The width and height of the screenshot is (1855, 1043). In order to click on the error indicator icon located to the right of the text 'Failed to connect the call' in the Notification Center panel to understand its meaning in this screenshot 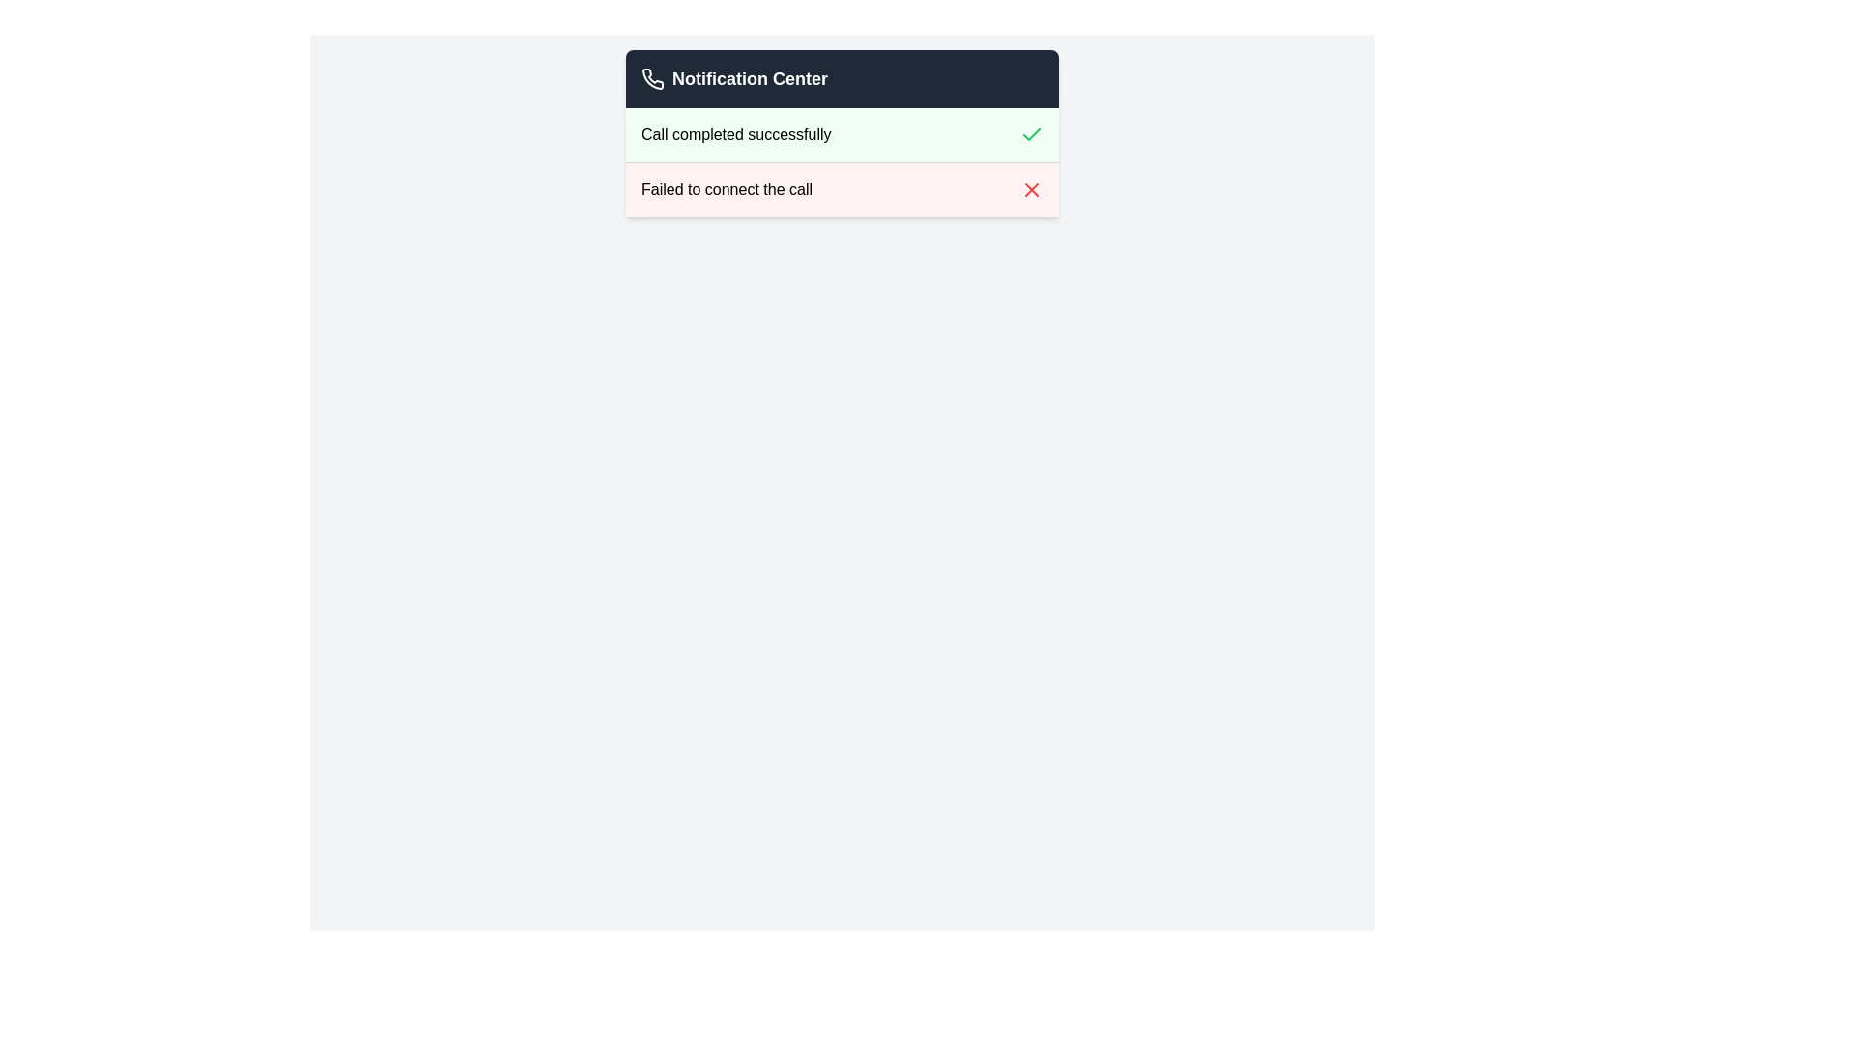, I will do `click(1031, 189)`.